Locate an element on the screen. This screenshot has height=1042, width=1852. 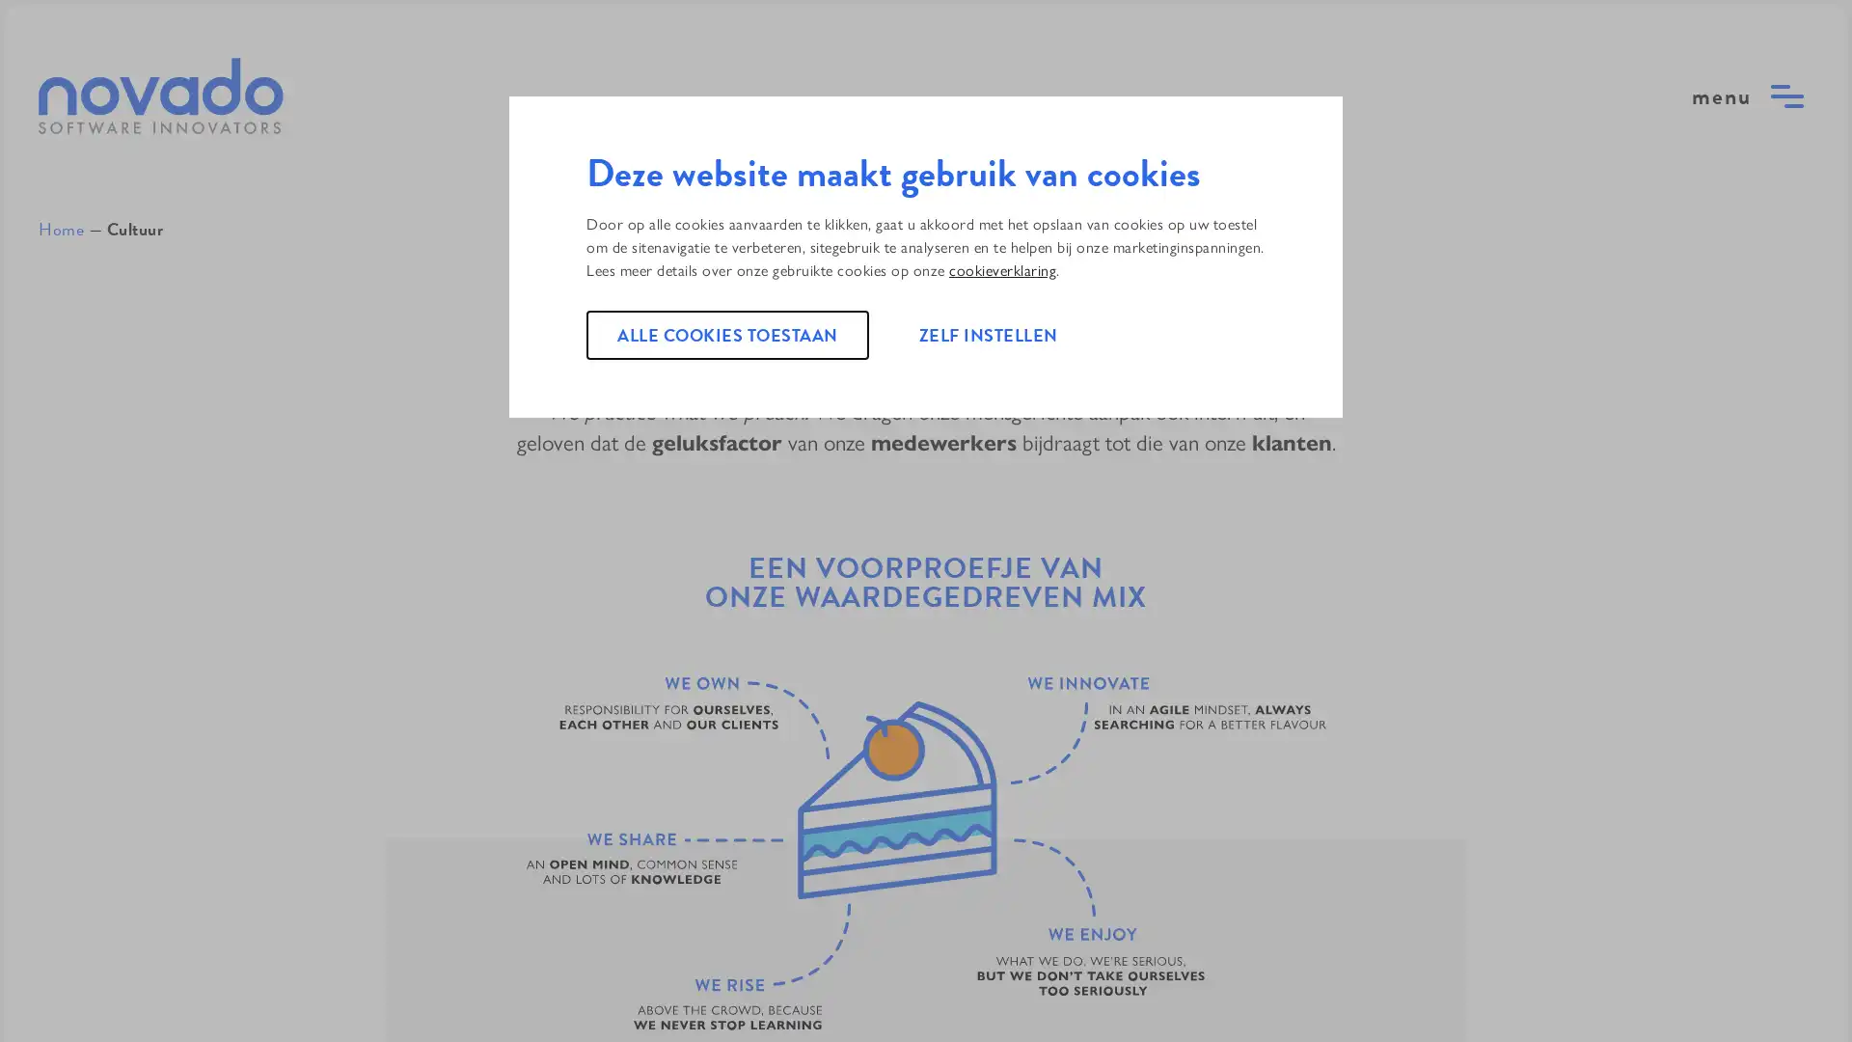
ZELF INSTELLEN is located at coordinates (987, 334).